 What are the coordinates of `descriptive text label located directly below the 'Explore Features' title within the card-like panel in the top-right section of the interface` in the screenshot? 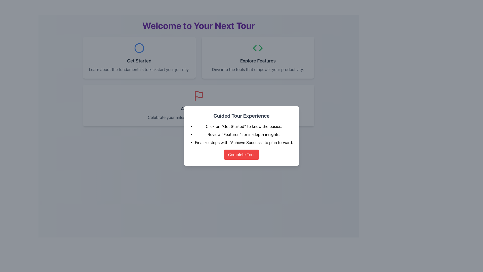 It's located at (258, 70).